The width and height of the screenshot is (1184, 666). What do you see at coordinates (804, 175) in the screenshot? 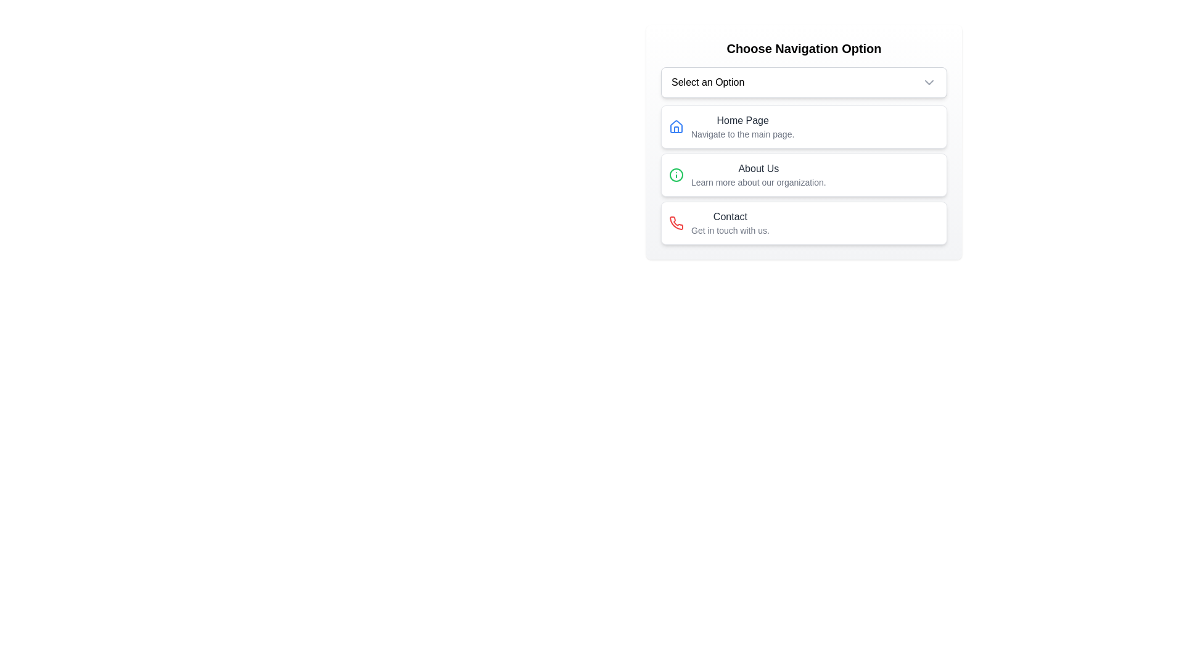
I see `the middle button in the vertically arranged list` at bounding box center [804, 175].